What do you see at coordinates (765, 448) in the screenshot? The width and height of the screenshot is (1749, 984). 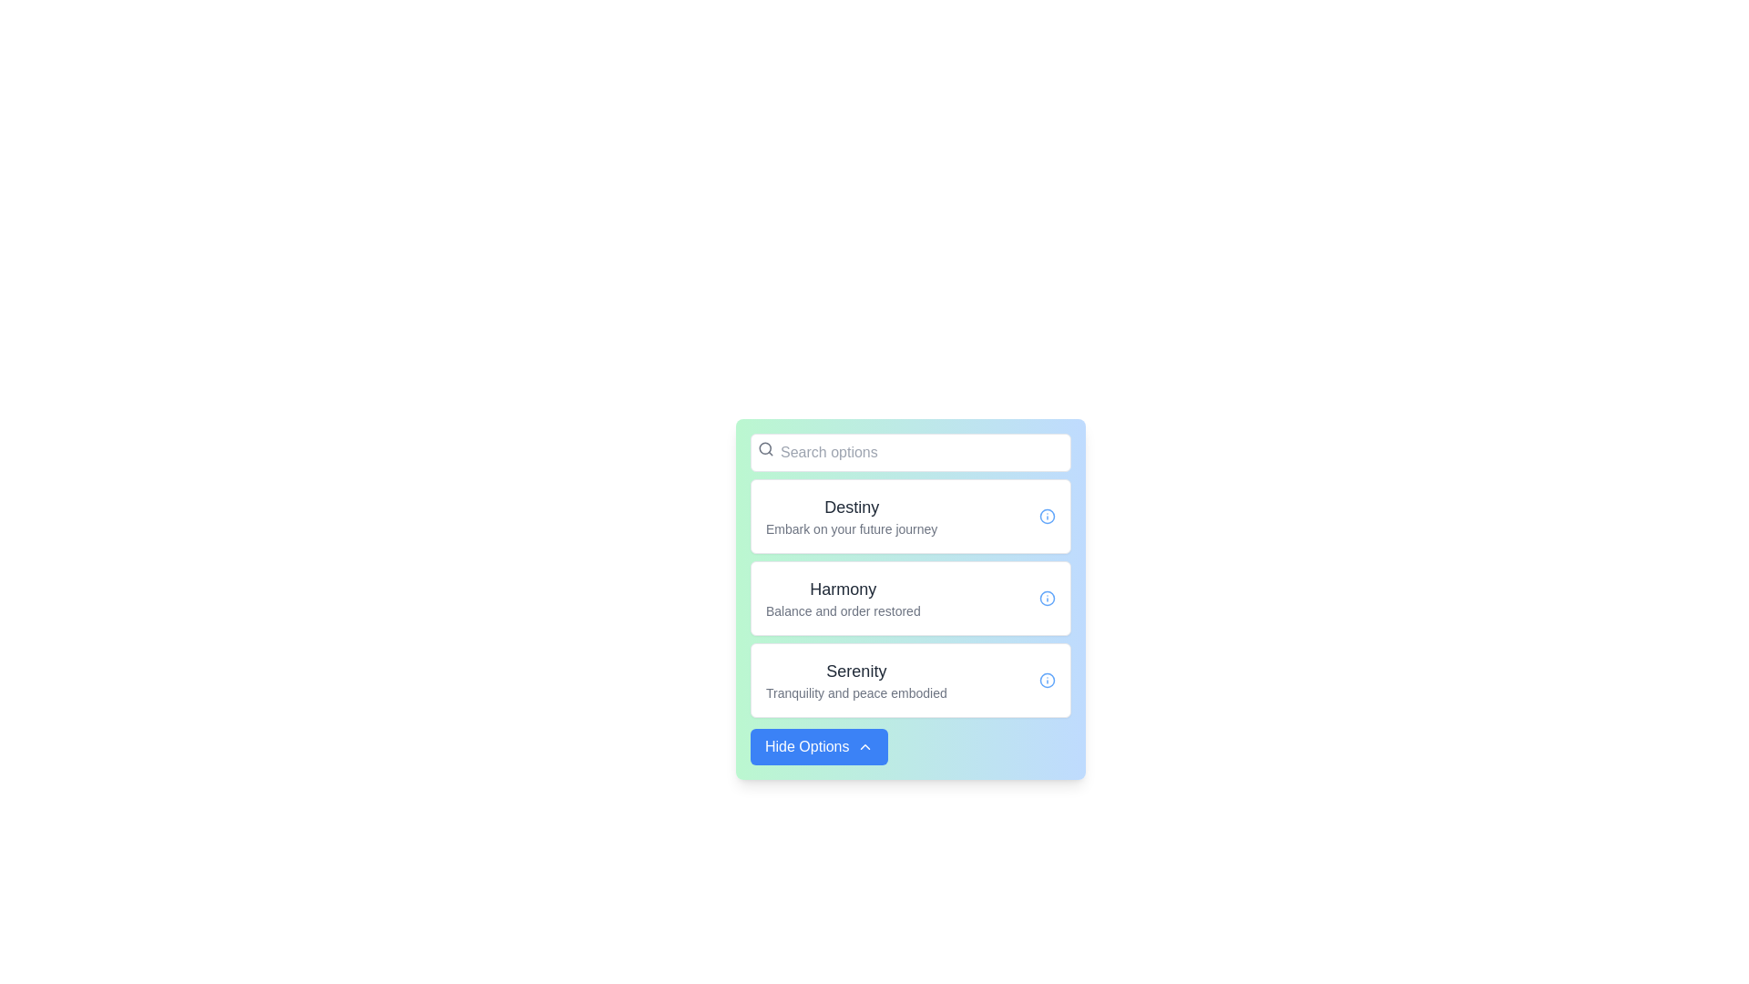 I see `the magnifying glass icon located at the left side of the search field in the 'Search options' card UI component` at bounding box center [765, 448].